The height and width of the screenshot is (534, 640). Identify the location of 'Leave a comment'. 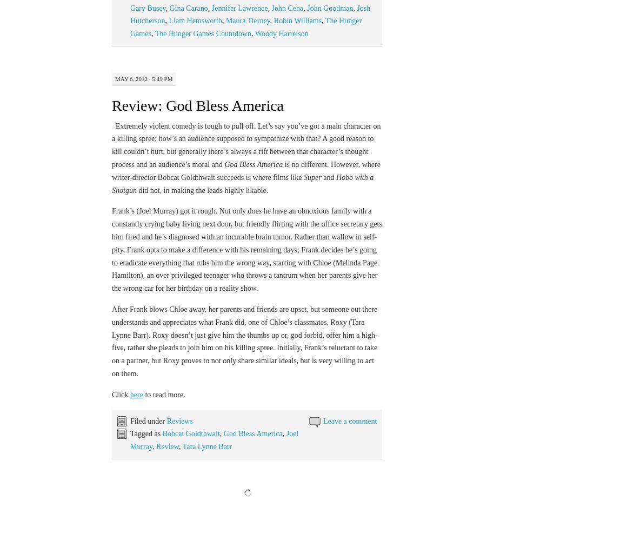
(349, 420).